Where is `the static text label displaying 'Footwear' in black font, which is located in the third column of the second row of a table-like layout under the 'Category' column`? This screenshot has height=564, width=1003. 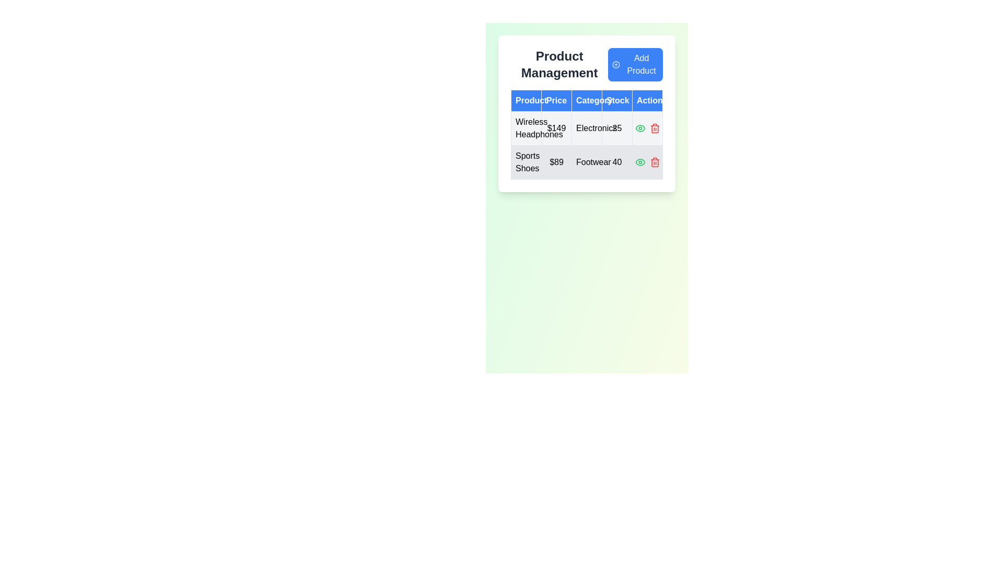
the static text label displaying 'Footwear' in black font, which is located in the third column of the second row of a table-like layout under the 'Category' column is located at coordinates (587, 162).